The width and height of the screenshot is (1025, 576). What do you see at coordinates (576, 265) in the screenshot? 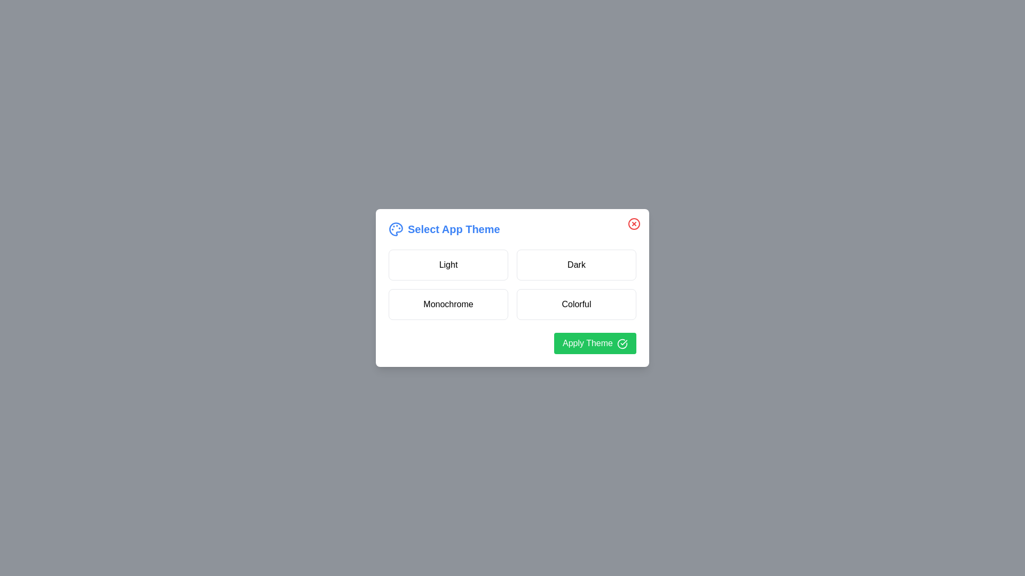
I see `the theme Dark by clicking on its corresponding button` at bounding box center [576, 265].